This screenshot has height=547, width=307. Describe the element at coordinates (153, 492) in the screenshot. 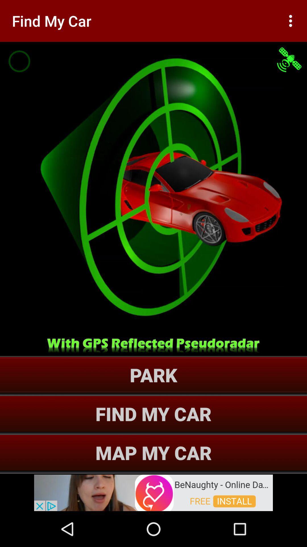

I see `showing the advertisement` at that location.